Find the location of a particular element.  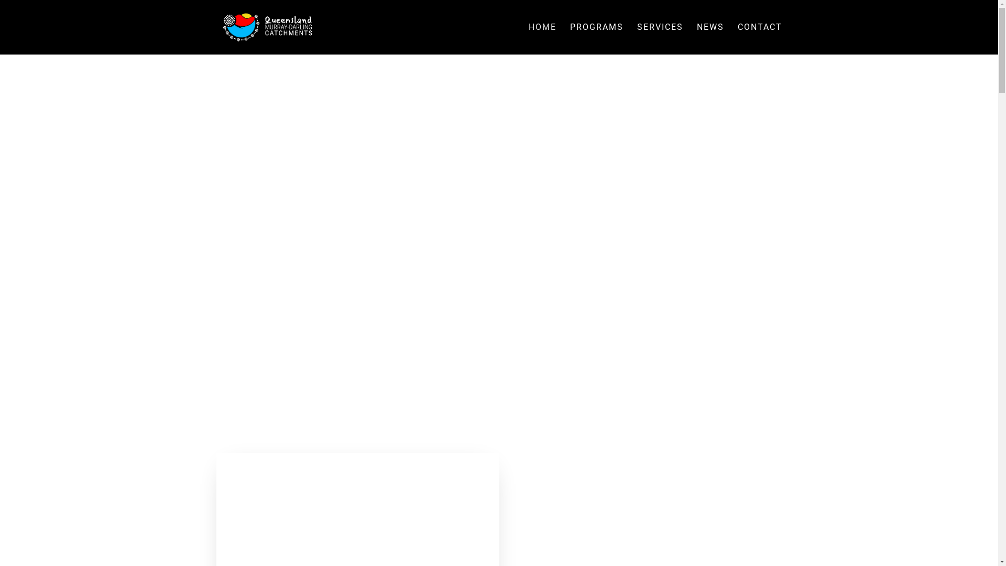

'PROGRAMS' is located at coordinates (596, 38).